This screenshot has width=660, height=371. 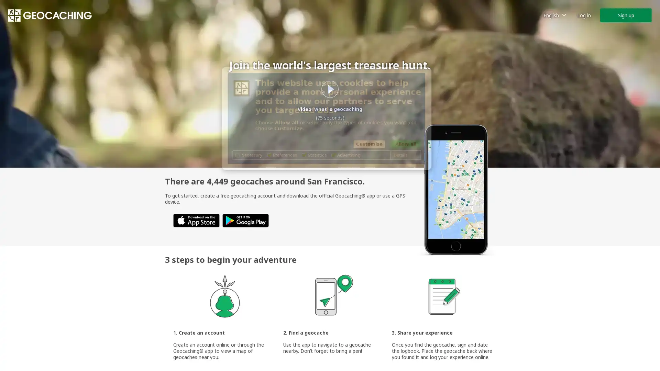 What do you see at coordinates (330, 88) in the screenshot?
I see `Play what is geocaching video` at bounding box center [330, 88].